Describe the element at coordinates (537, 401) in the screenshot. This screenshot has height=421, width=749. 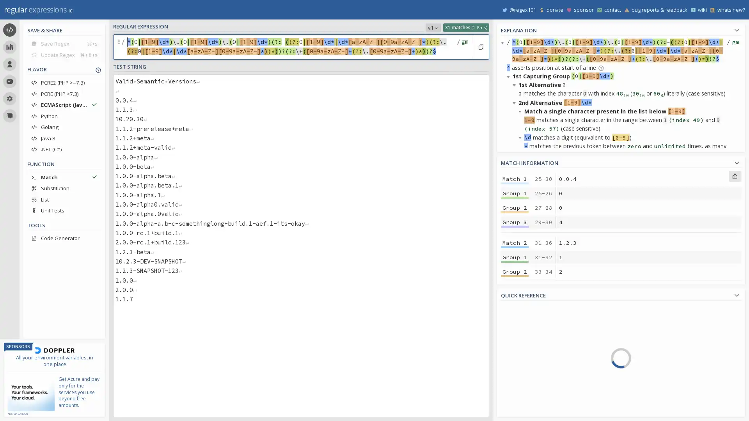
I see `Character Classes` at that location.